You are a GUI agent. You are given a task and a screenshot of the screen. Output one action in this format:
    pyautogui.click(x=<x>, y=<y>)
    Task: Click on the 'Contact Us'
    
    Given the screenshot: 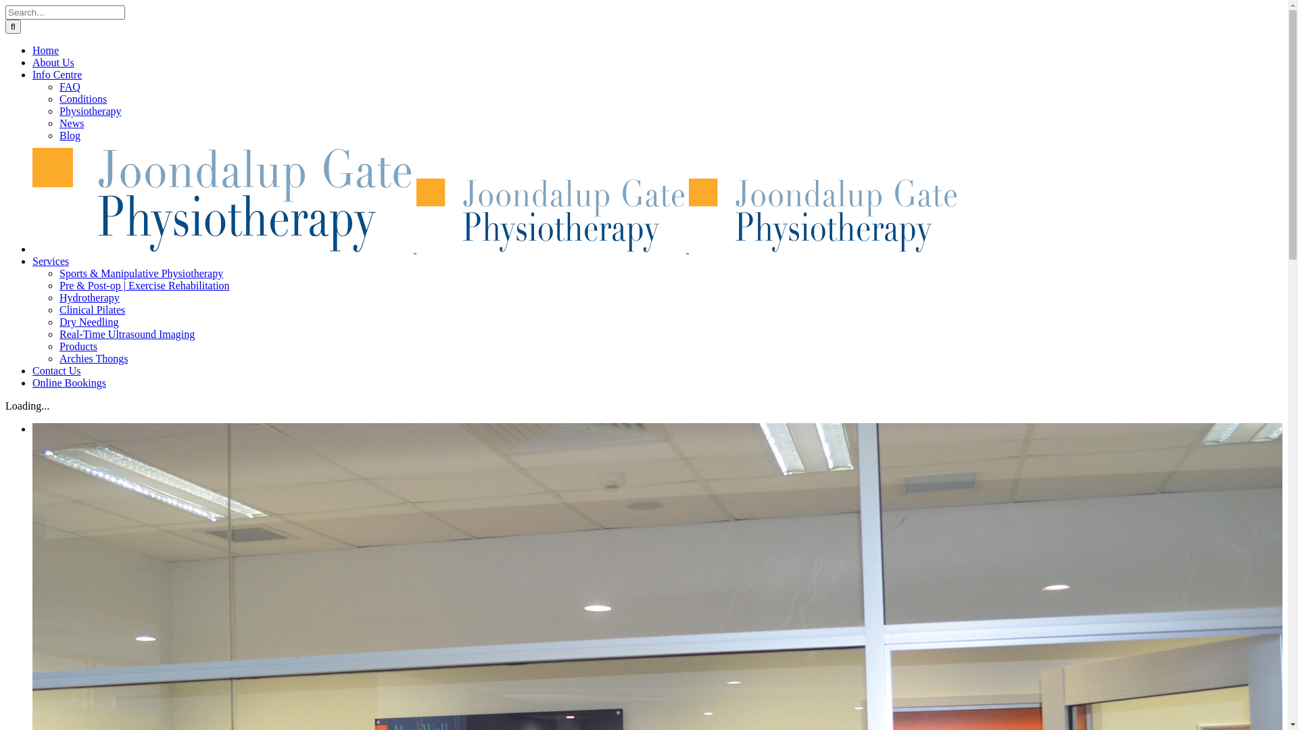 What is the action you would take?
    pyautogui.click(x=55, y=370)
    